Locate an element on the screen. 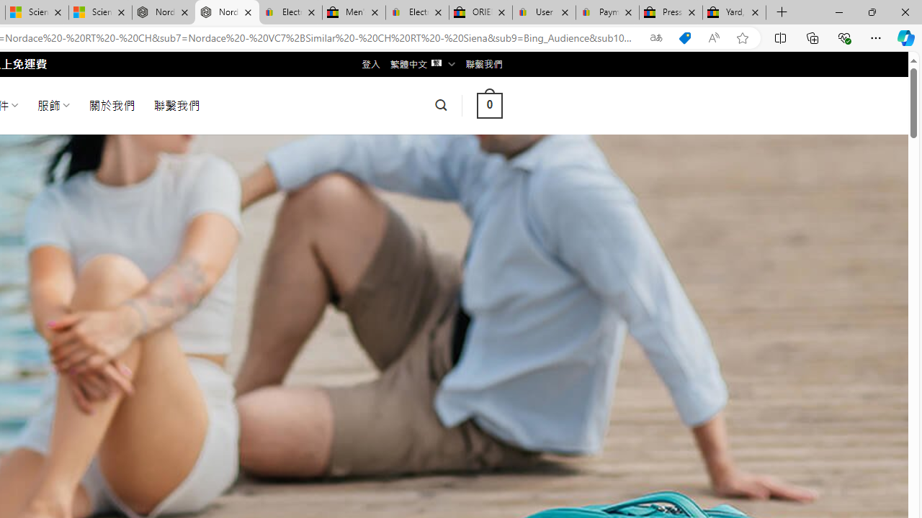  '  0  ' is located at coordinates (489, 104).